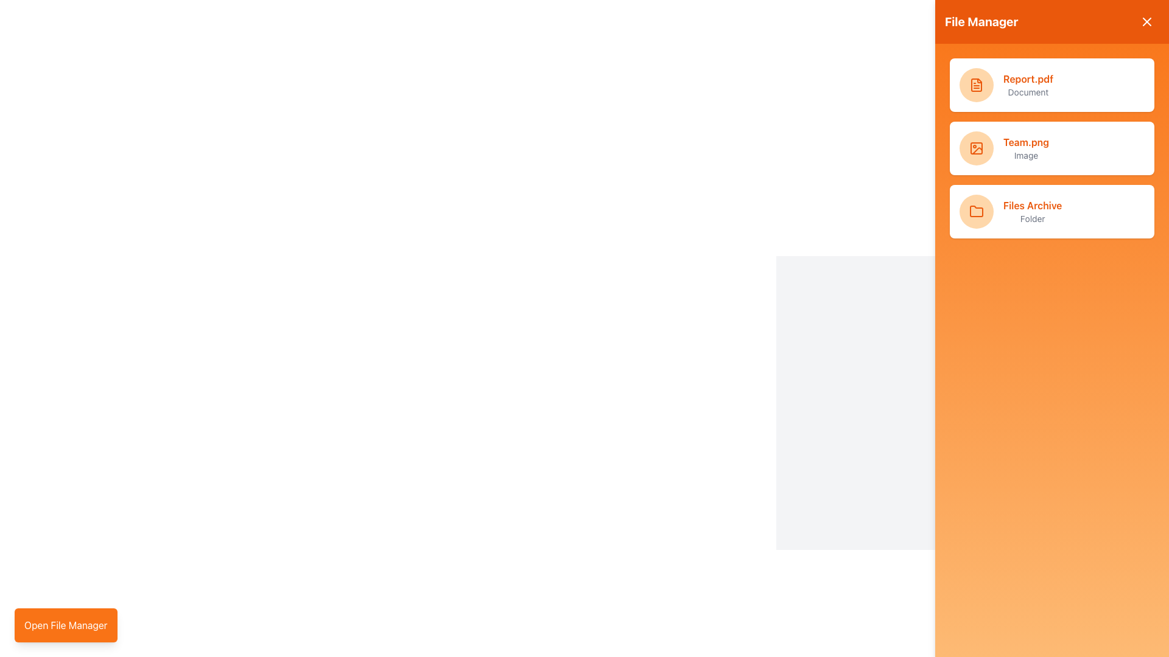 This screenshot has width=1169, height=657. Describe the element at coordinates (976, 147) in the screenshot. I see `the circular icon with an orange background and white border located on the left side of the 'Team.png' button` at that location.